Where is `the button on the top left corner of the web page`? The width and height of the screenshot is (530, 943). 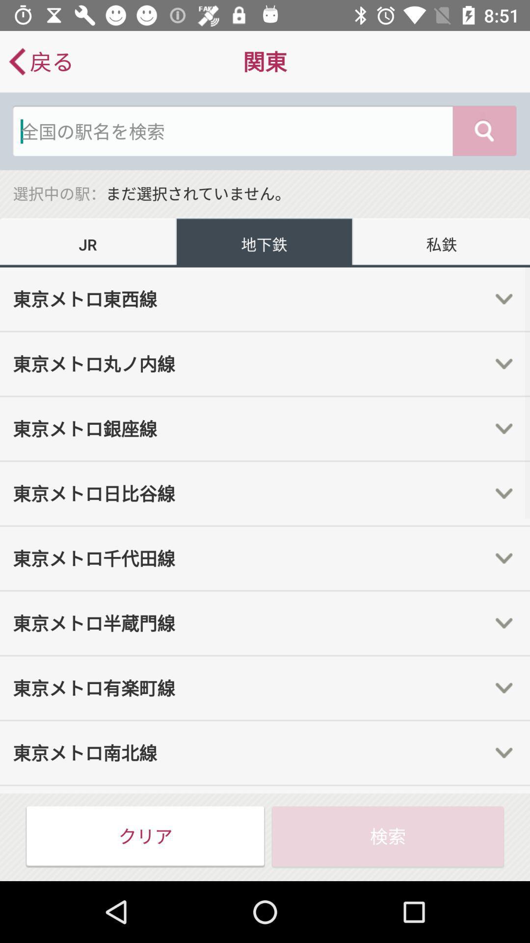 the button on the top left corner of the web page is located at coordinates (40, 61).